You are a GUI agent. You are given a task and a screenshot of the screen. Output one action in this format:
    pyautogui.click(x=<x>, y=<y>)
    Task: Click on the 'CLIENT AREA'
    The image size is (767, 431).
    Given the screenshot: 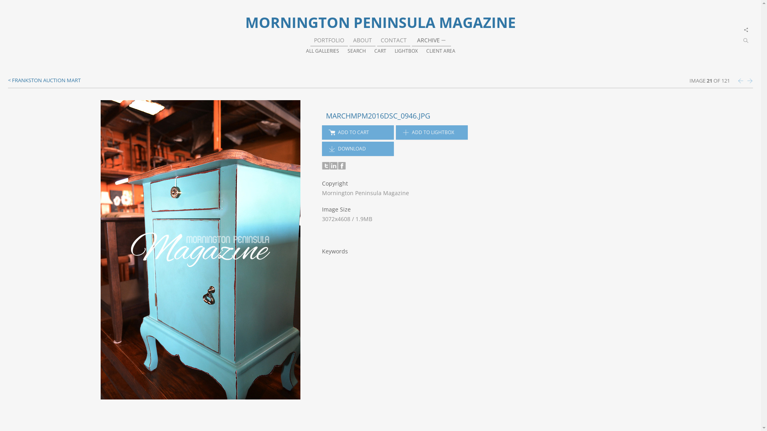 What is the action you would take?
    pyautogui.click(x=440, y=51)
    